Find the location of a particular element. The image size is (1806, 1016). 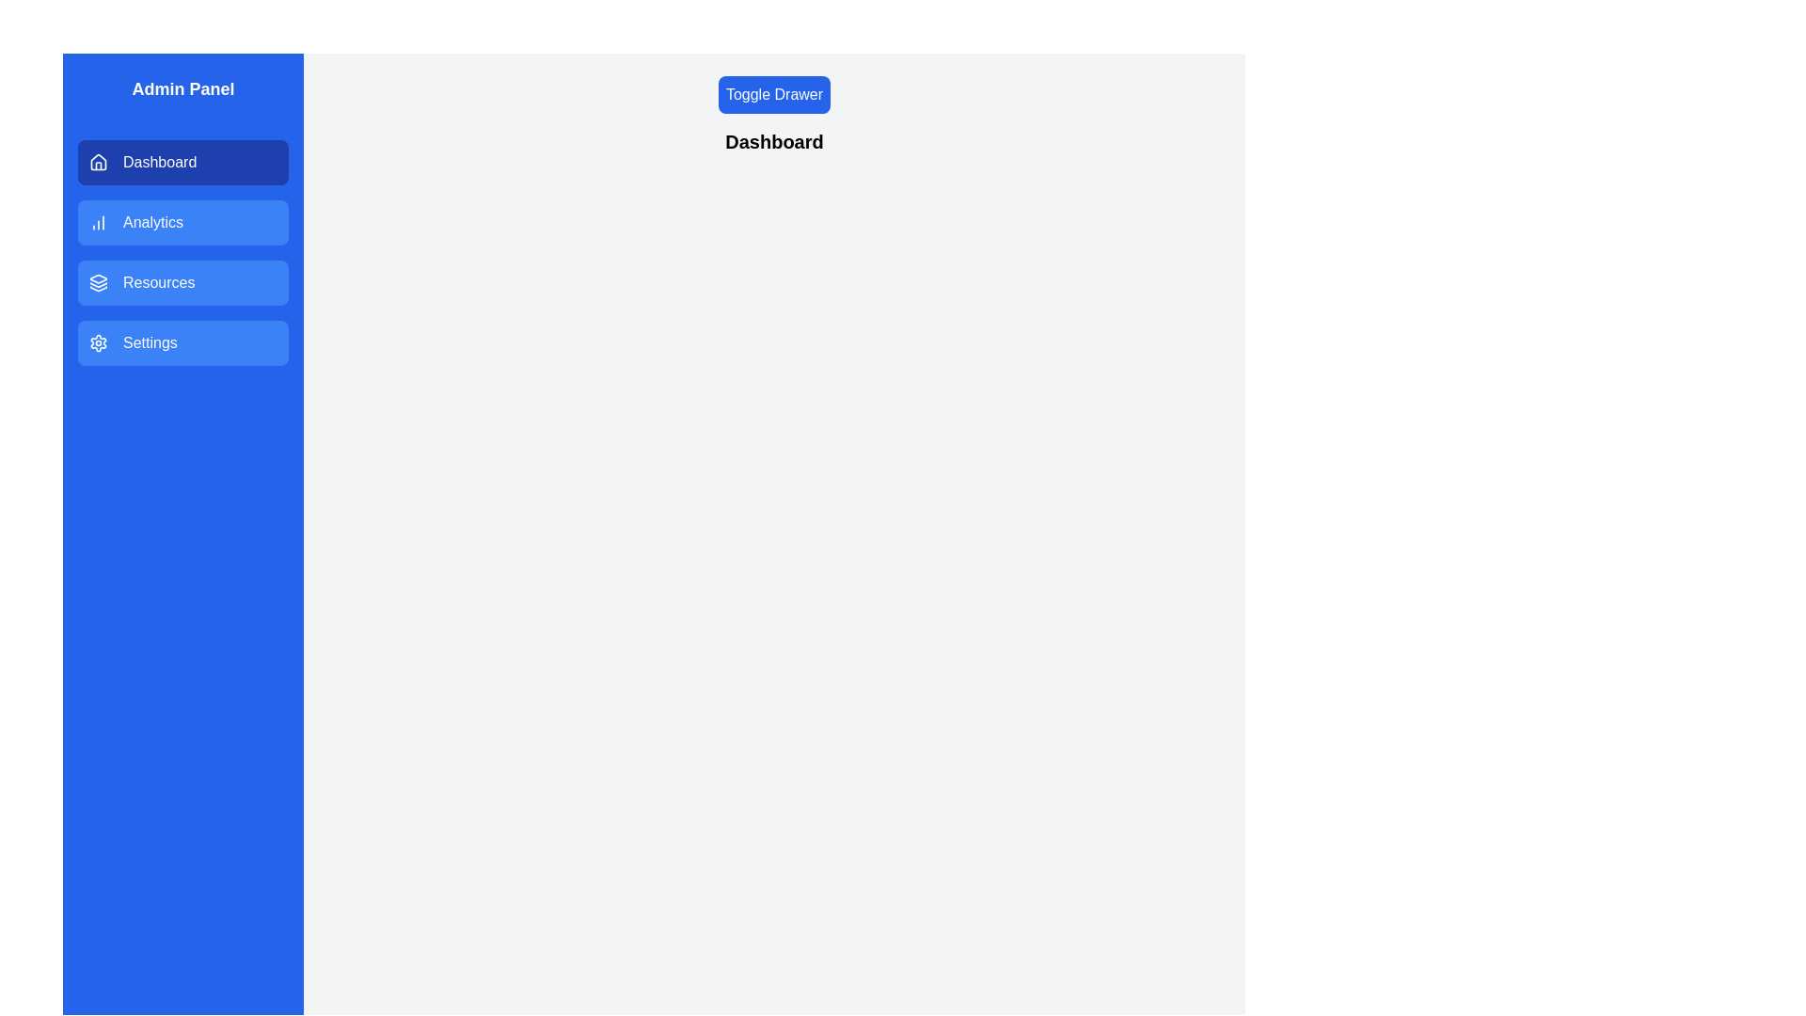

the menu section Resources by clicking on its button is located at coordinates (183, 282).